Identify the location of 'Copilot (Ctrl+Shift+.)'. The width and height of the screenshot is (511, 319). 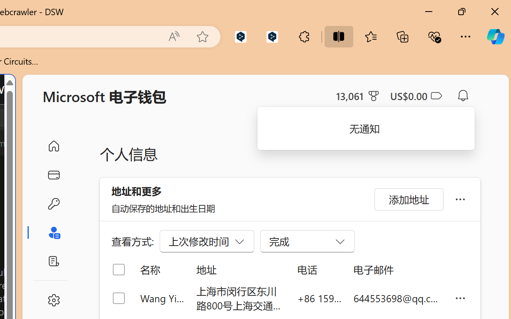
(495, 36).